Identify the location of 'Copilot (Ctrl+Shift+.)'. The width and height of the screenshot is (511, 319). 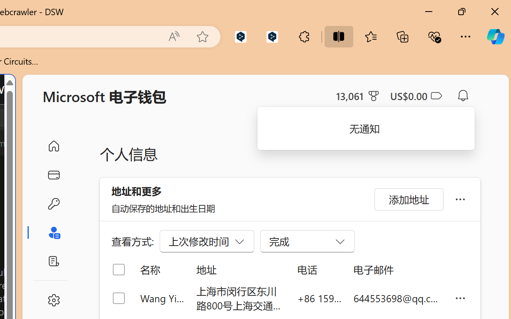
(495, 36).